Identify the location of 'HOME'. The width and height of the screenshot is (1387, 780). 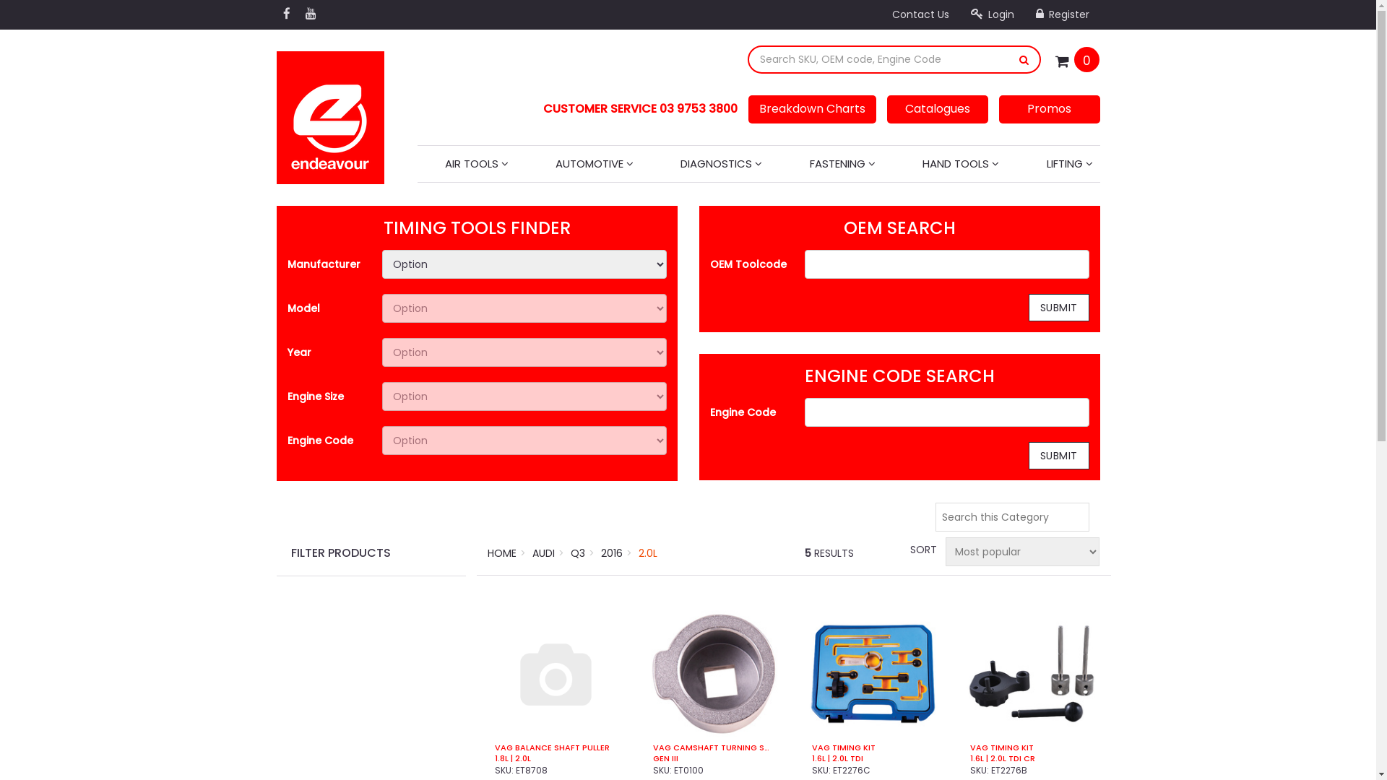
(502, 552).